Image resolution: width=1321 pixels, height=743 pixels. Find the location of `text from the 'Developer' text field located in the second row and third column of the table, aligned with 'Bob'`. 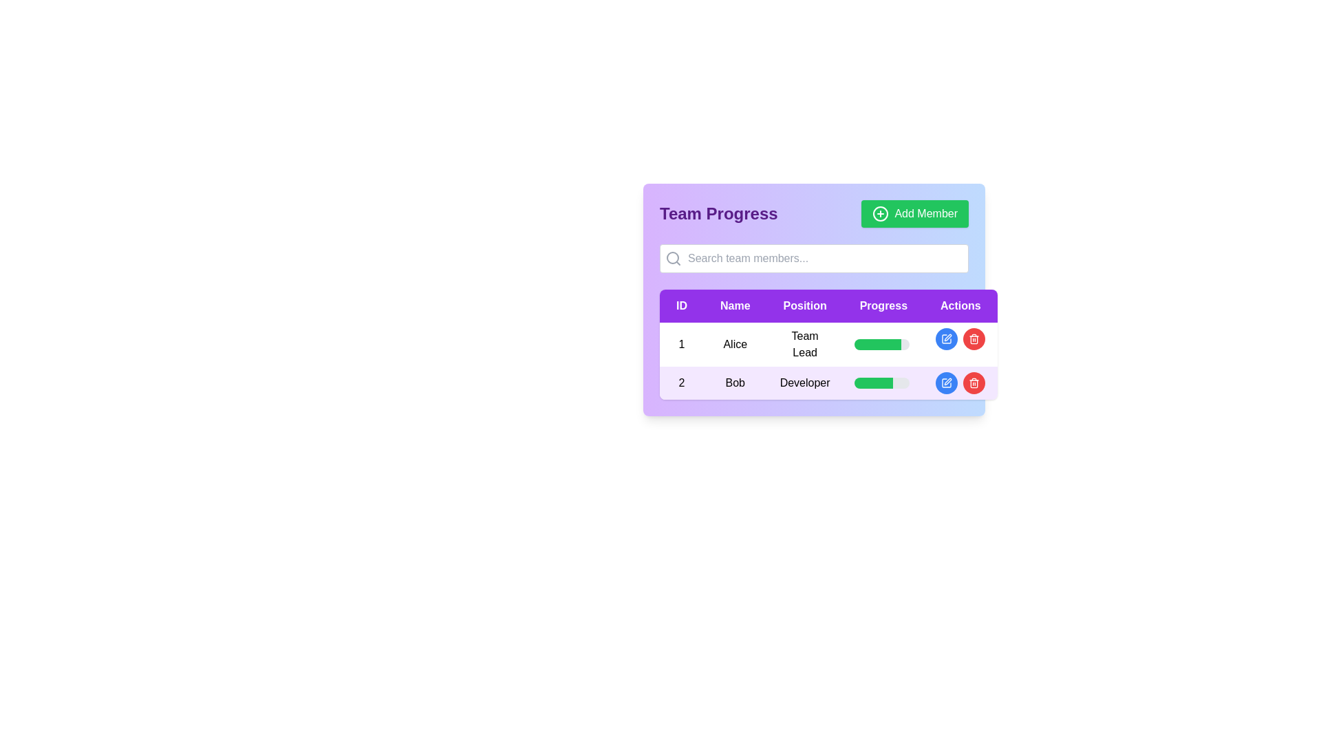

text from the 'Developer' text field located in the second row and third column of the table, aligned with 'Bob' is located at coordinates (805, 383).